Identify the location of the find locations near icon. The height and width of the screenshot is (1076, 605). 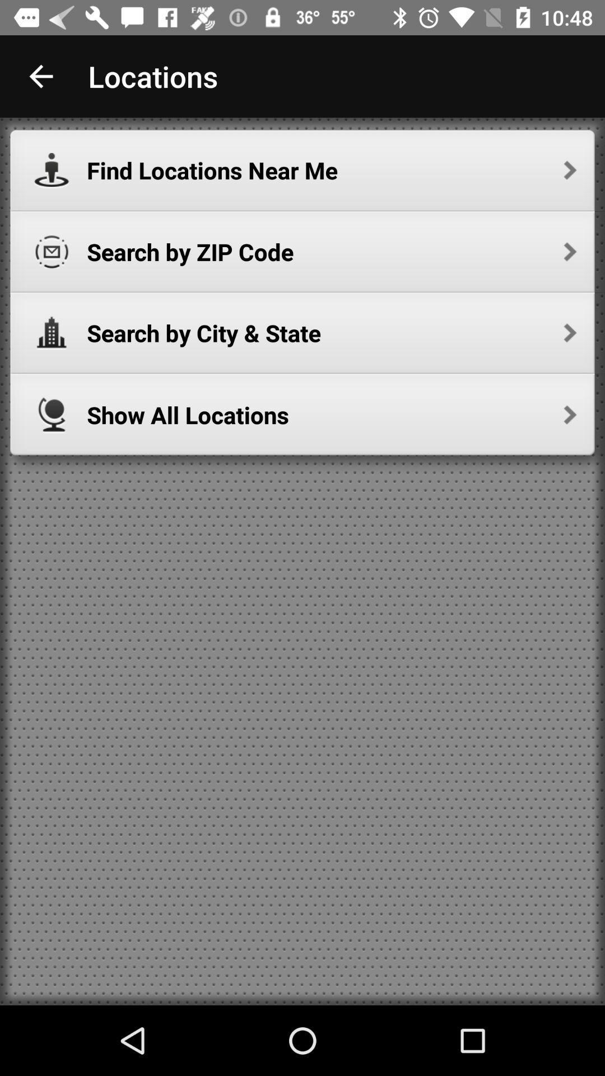
(331, 170).